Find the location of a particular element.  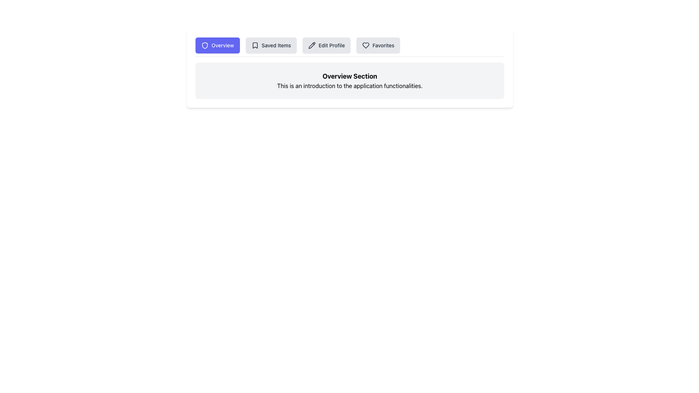

the bold textual label reading 'Overview Section' located at the top of a light gray, rounded rectangle section is located at coordinates (349, 76).